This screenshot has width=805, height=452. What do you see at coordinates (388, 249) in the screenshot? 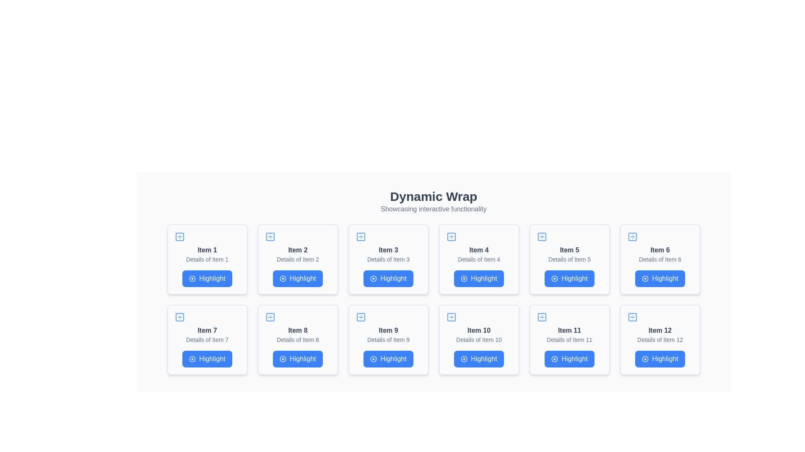
I see `the Text block that serves as the title or heading for the third card in the top row of the grid layout` at bounding box center [388, 249].